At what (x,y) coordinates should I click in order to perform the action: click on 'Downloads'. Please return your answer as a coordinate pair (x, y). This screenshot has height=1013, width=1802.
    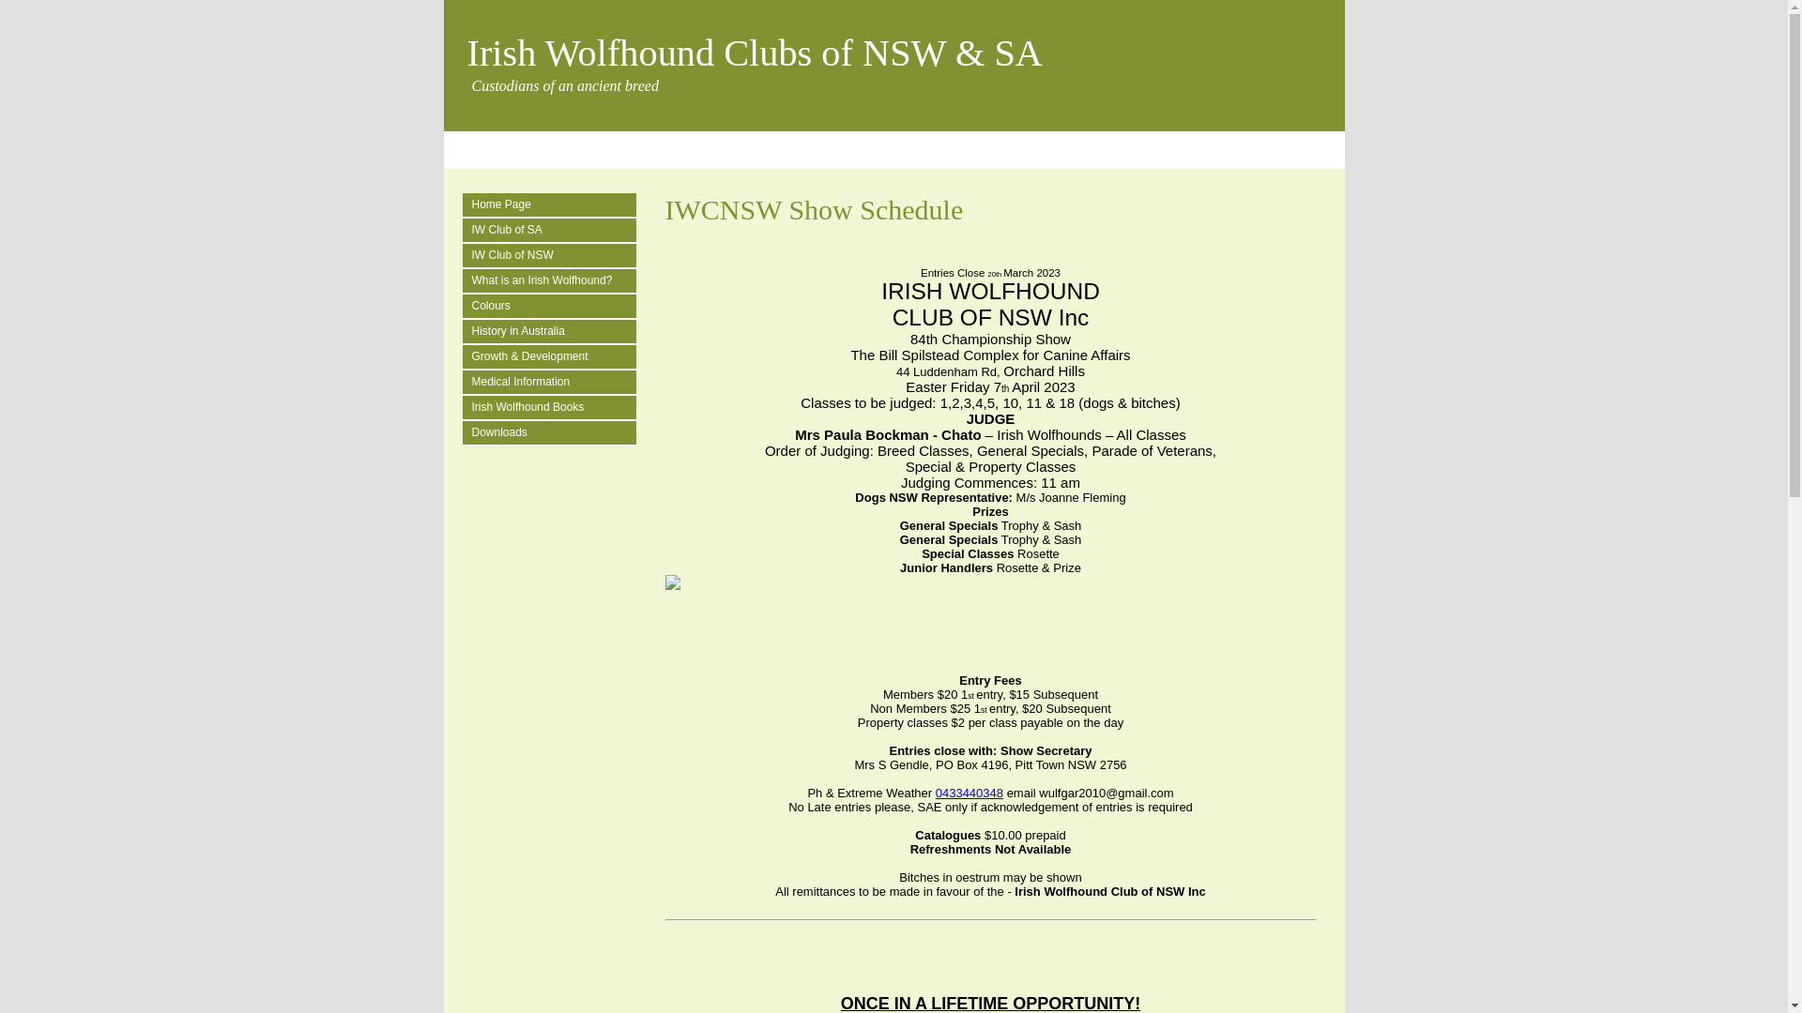
    Looking at the image, I should click on (471, 432).